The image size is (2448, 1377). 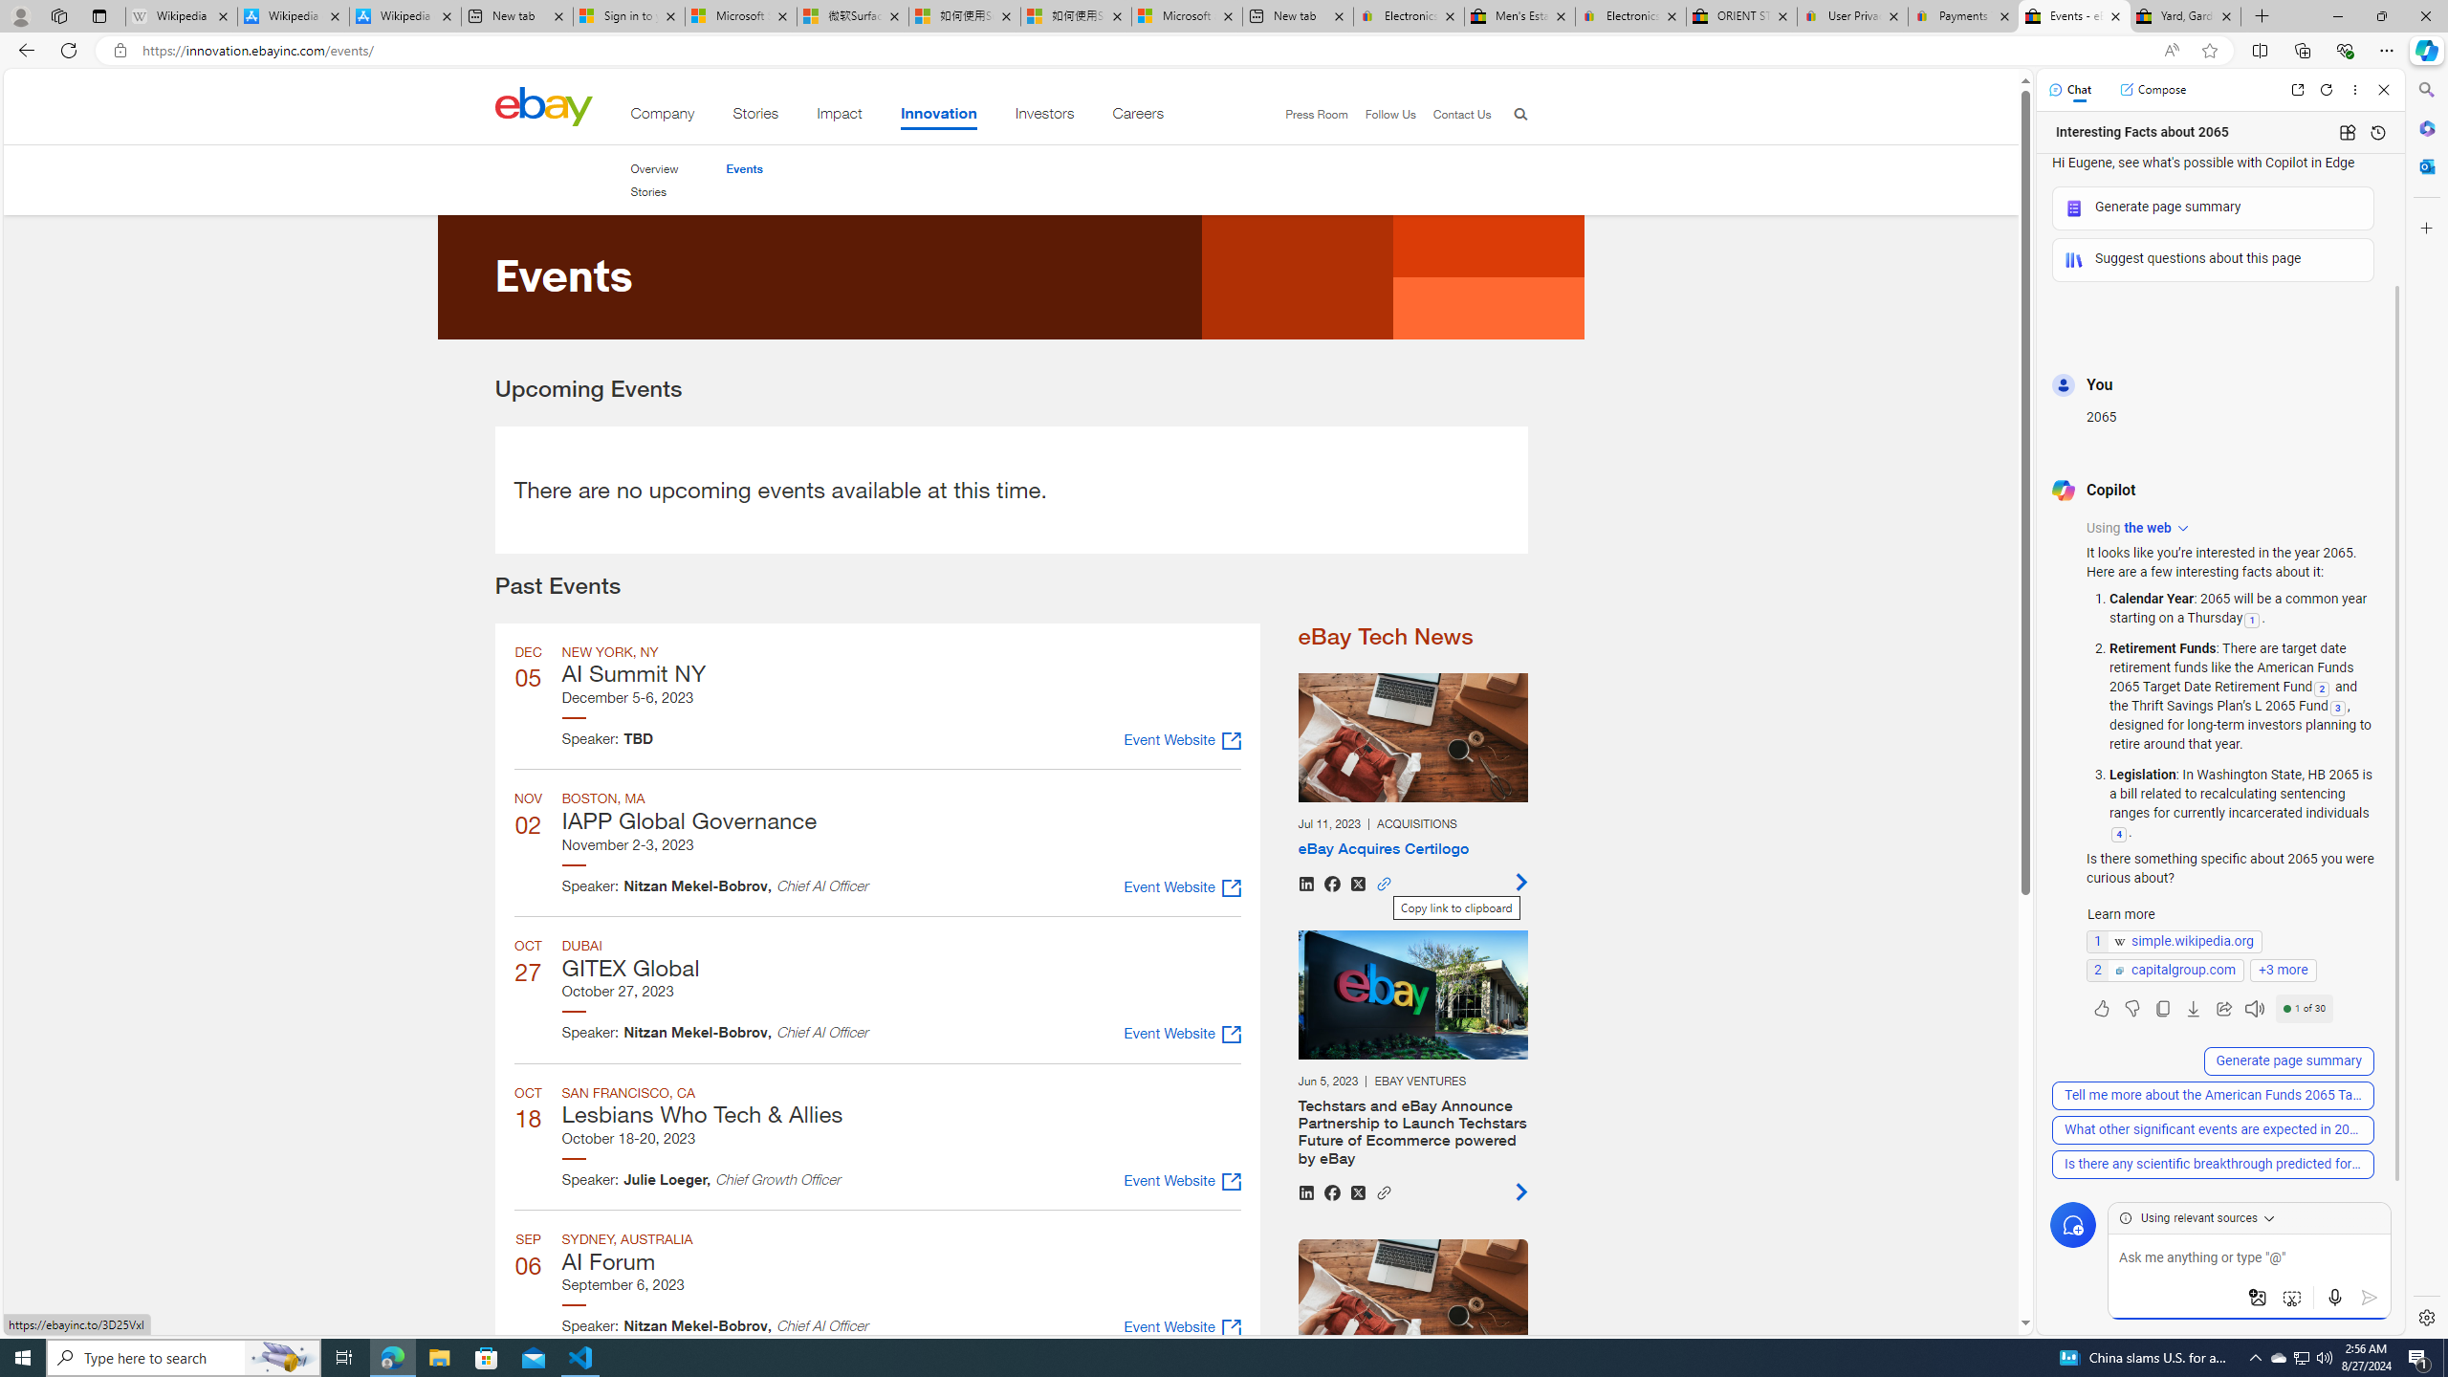 What do you see at coordinates (839, 117) in the screenshot?
I see `'Impact'` at bounding box center [839, 117].